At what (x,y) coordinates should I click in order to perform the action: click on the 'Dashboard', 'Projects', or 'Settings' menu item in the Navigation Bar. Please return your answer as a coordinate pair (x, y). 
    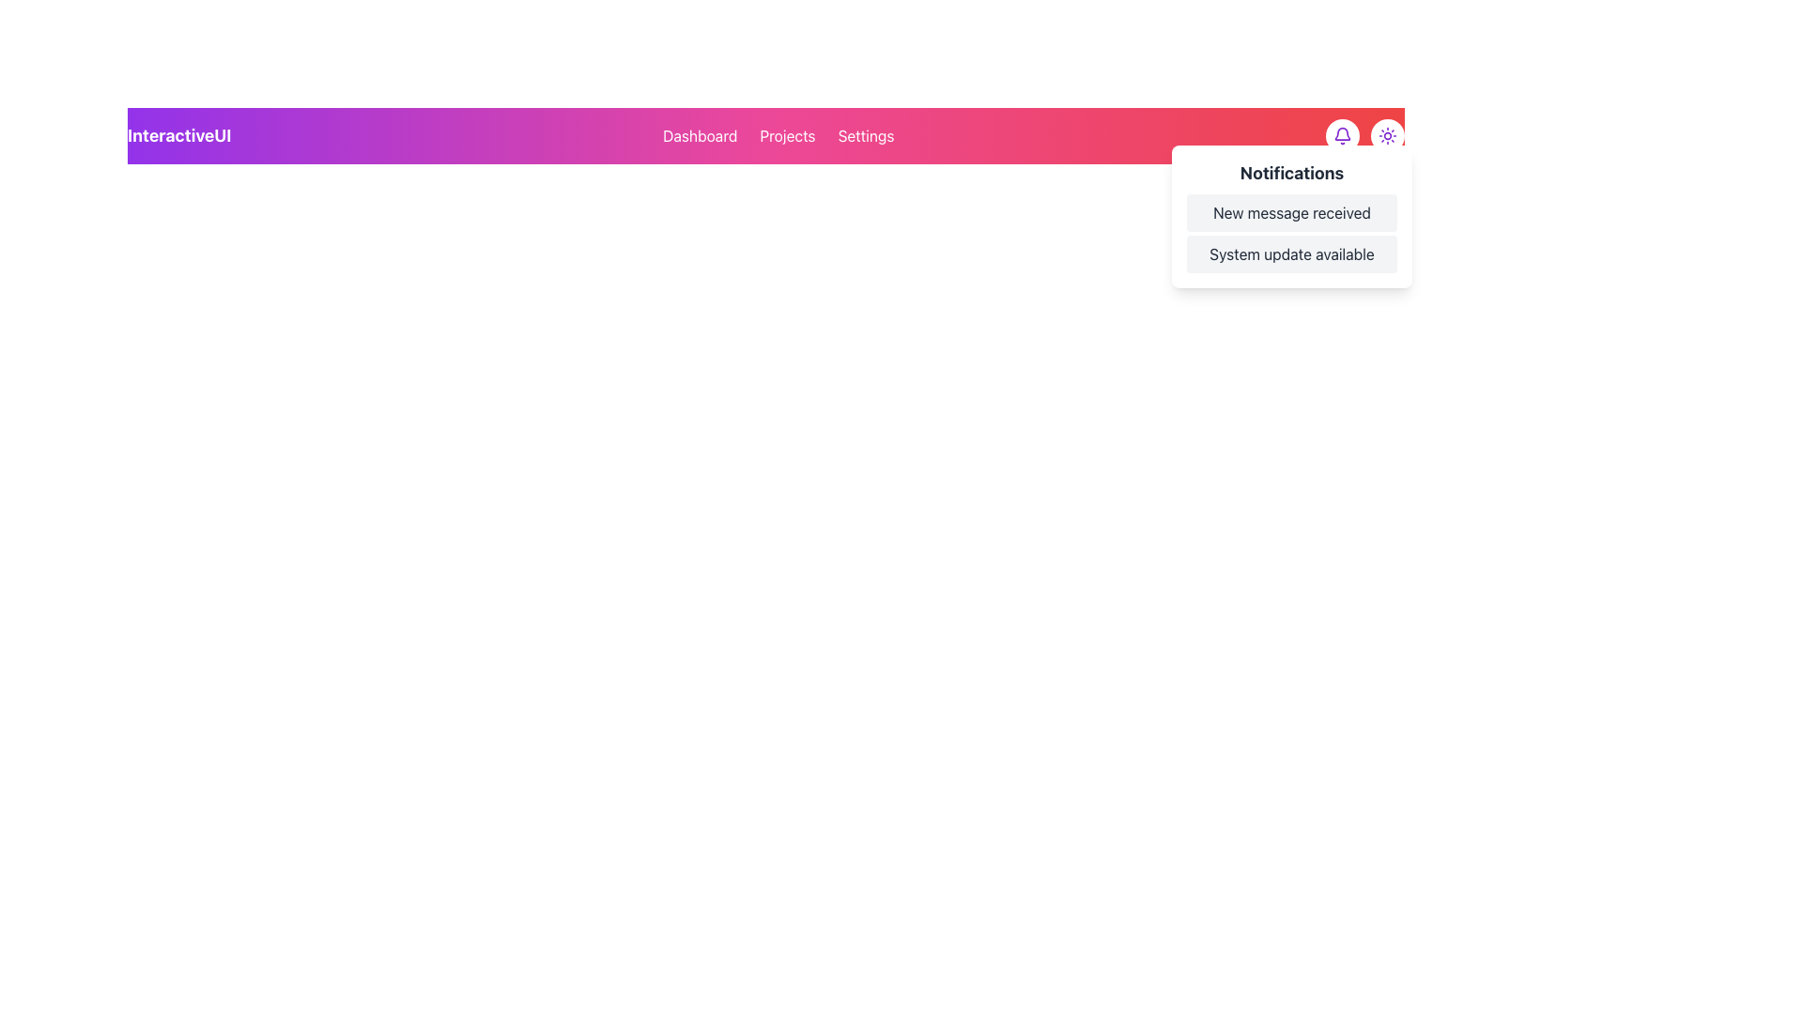
    Looking at the image, I should click on (766, 135).